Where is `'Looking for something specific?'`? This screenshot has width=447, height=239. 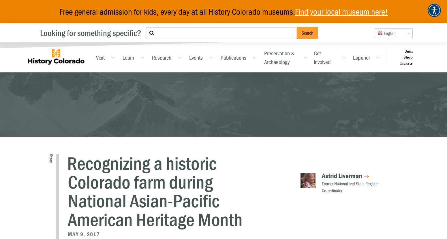
'Looking for something specific?' is located at coordinates (90, 33).